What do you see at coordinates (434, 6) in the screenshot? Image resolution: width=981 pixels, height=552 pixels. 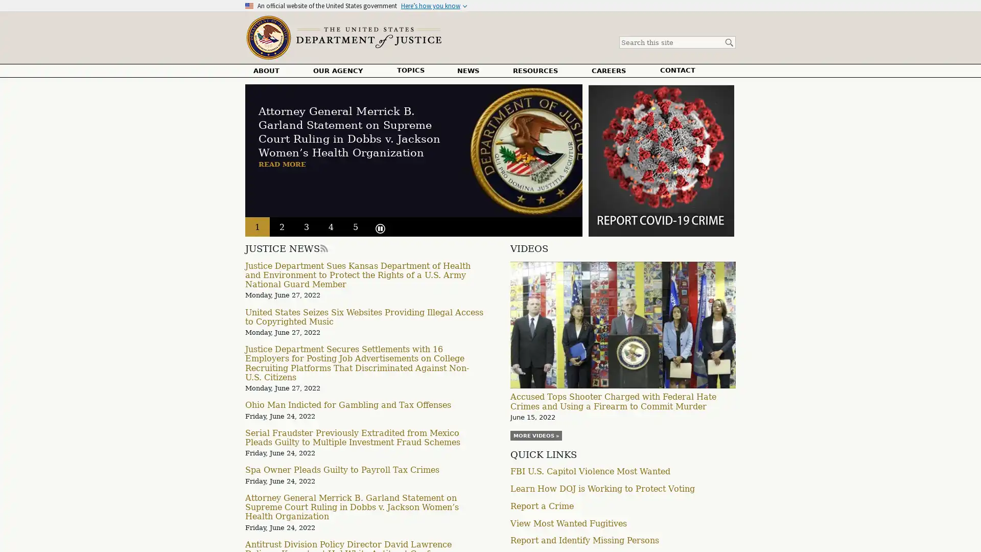 I see `Heres how you know` at bounding box center [434, 6].